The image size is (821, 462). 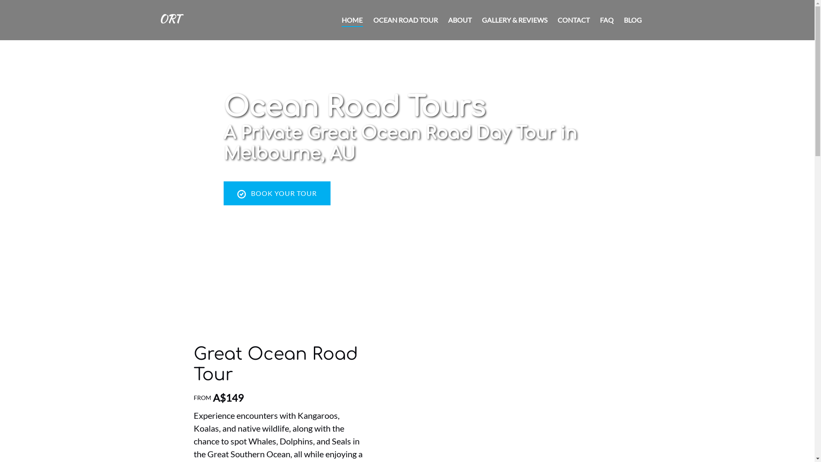 I want to click on 'FAQ', so click(x=605, y=19).